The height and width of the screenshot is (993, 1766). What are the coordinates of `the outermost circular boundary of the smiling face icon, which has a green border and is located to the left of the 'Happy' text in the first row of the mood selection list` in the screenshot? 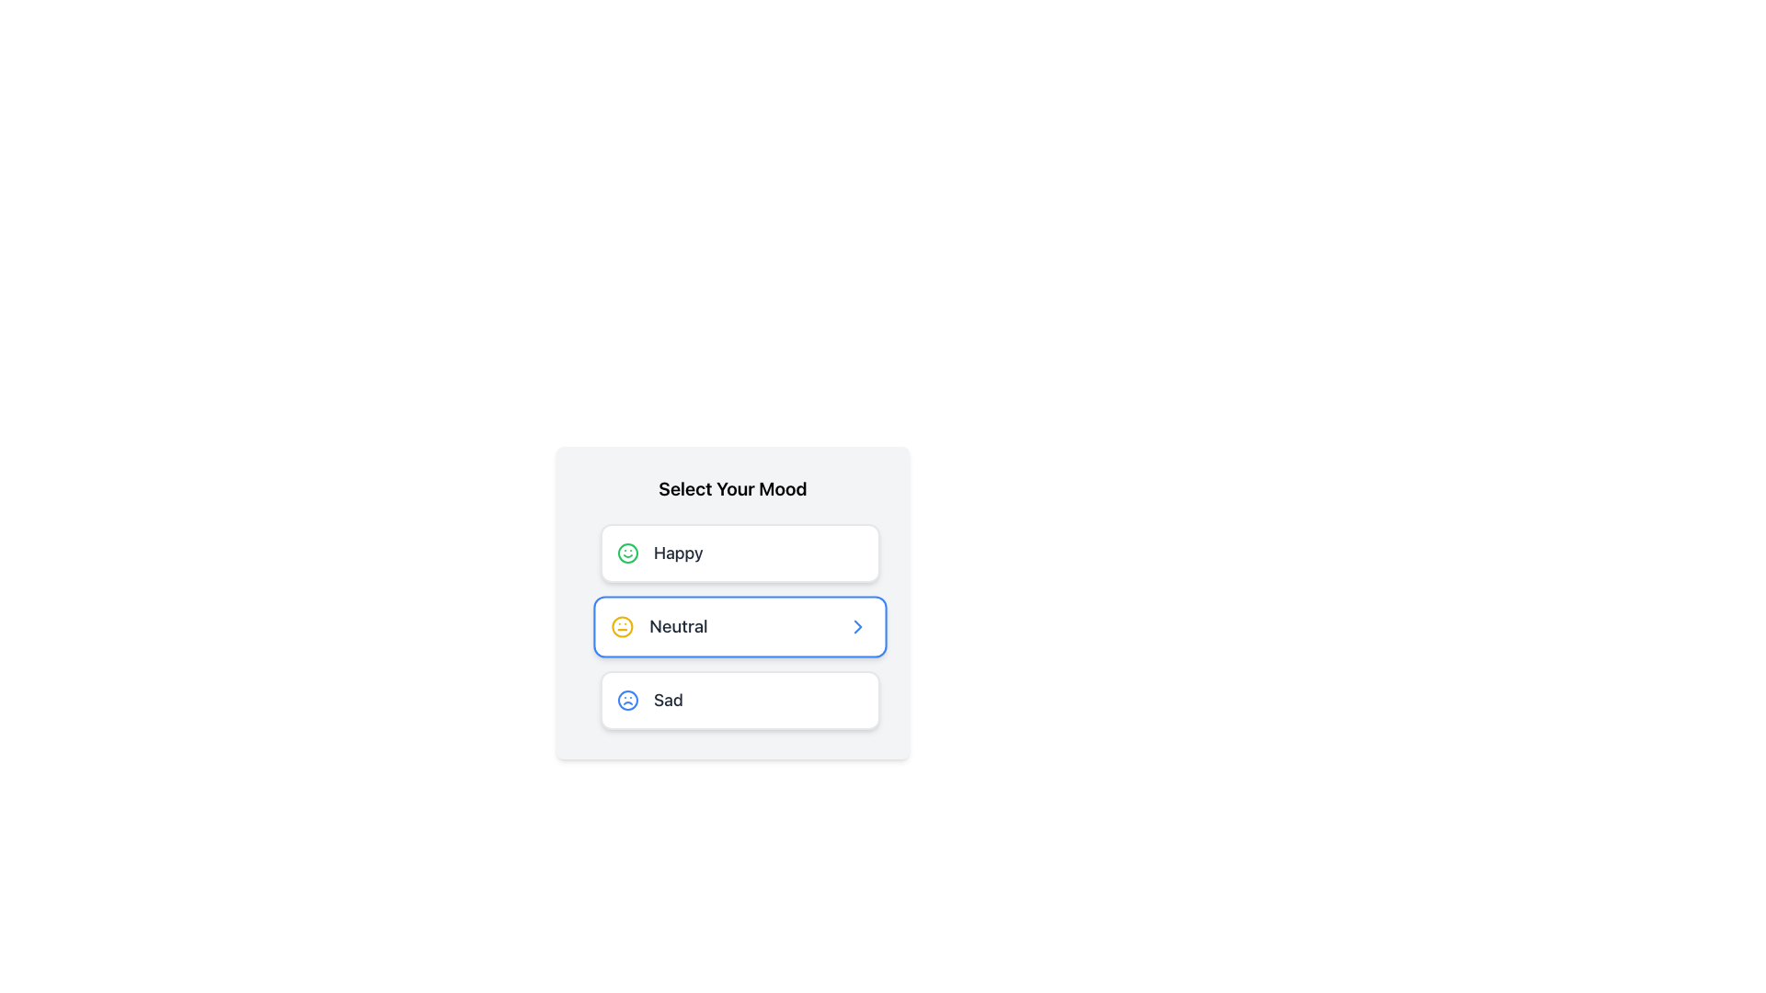 It's located at (627, 552).